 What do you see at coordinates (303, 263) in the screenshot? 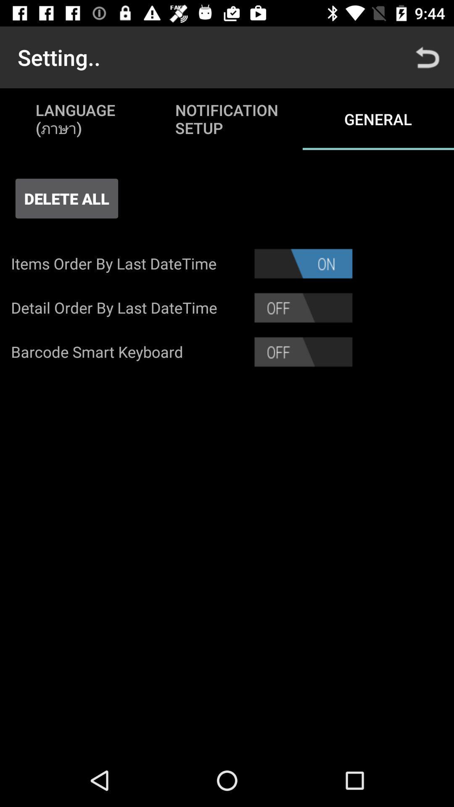
I see `the icon below notification` at bounding box center [303, 263].